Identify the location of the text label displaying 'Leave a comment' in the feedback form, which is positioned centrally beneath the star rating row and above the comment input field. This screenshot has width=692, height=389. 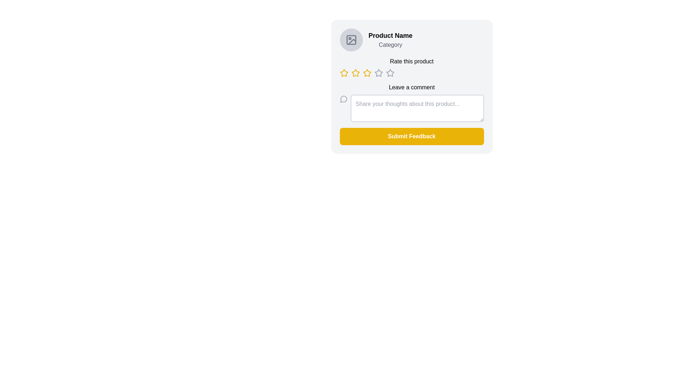
(412, 87).